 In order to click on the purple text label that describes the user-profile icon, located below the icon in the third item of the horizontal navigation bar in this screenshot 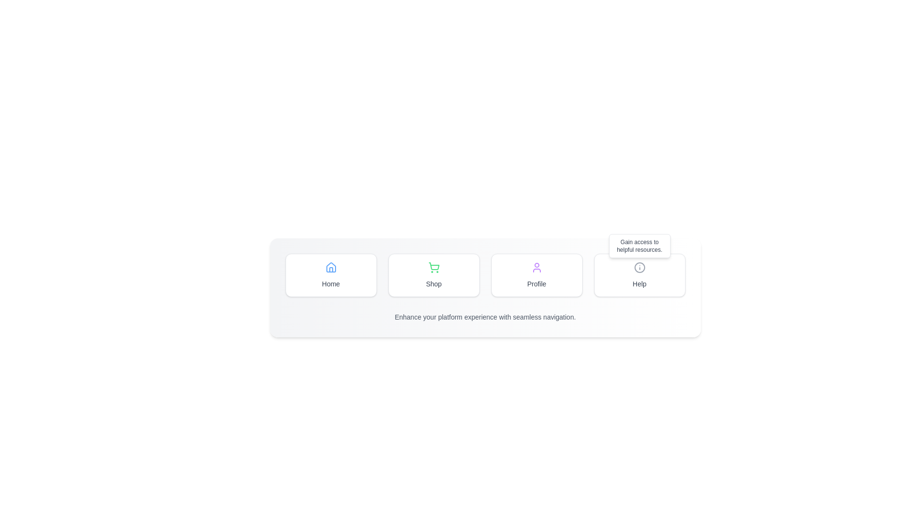, I will do `click(536, 283)`.